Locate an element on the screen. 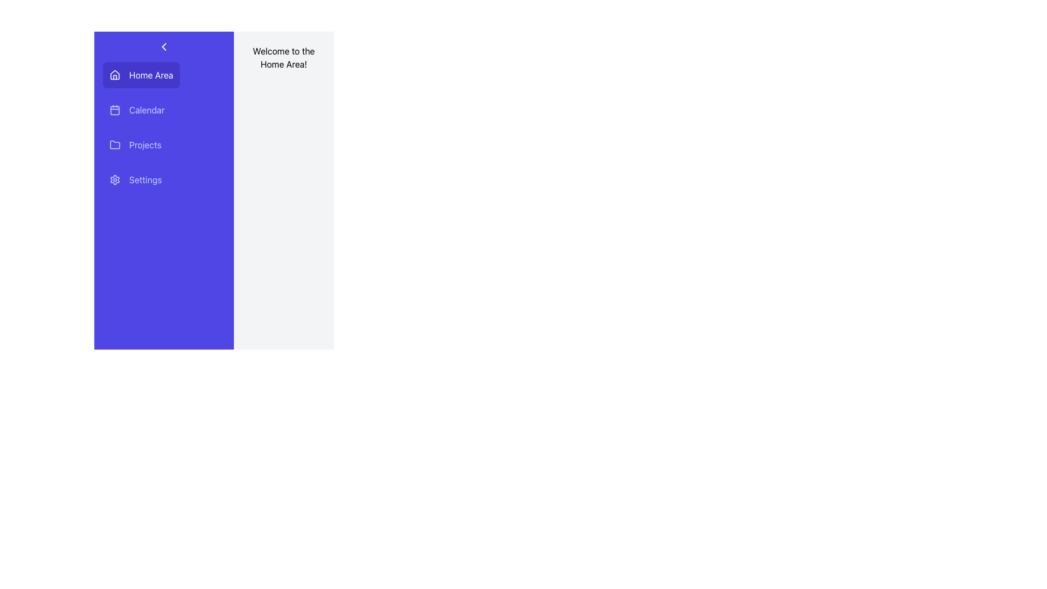 The width and height of the screenshot is (1047, 589). the navigation button located in the sidebar menu, which is the third option below 'Calendar' and above 'Settings' is located at coordinates (135, 145).